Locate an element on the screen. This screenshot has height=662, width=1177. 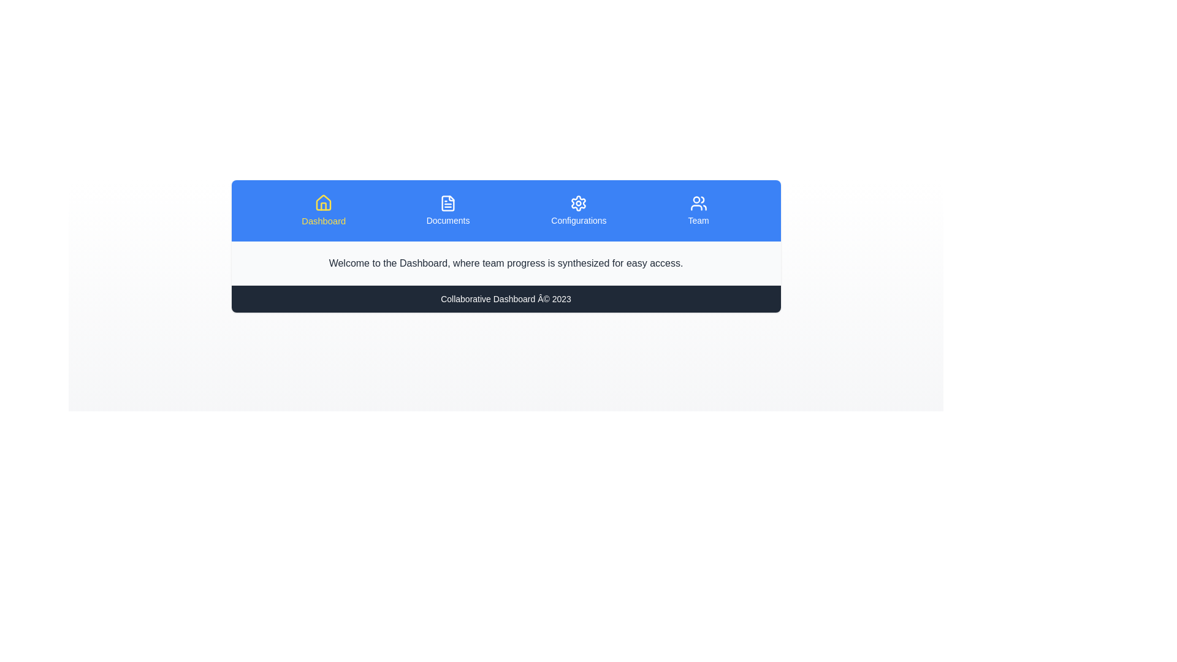
the tab labeled Team is located at coordinates (698, 210).